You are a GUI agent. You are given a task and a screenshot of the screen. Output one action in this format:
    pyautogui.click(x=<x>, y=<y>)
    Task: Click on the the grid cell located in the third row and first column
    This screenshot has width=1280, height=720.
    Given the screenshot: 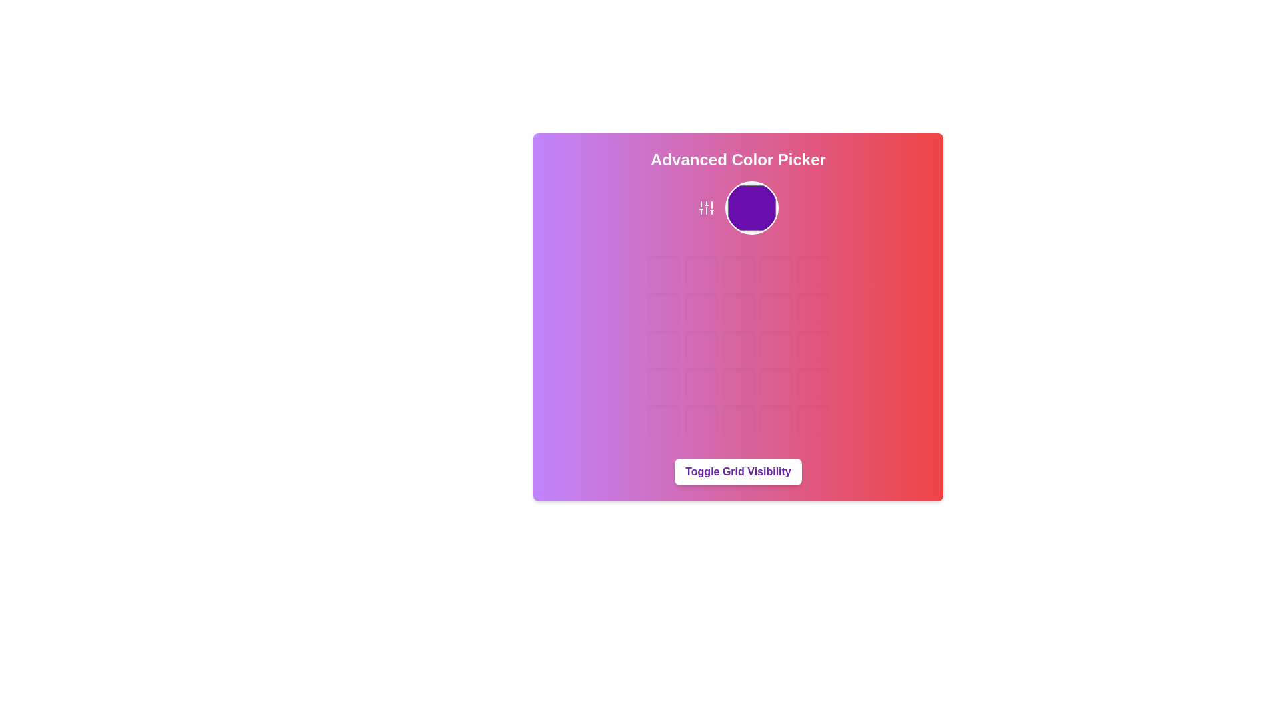 What is the action you would take?
    pyautogui.click(x=663, y=346)
    